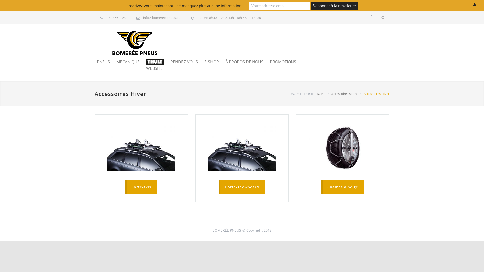 Image resolution: width=484 pixels, height=272 pixels. What do you see at coordinates (377, 17) in the screenshot?
I see `'Search'` at bounding box center [377, 17].